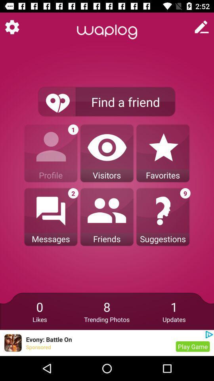 The height and width of the screenshot is (381, 214). What do you see at coordinates (107, 153) in the screenshot?
I see `the option beside the profile option` at bounding box center [107, 153].